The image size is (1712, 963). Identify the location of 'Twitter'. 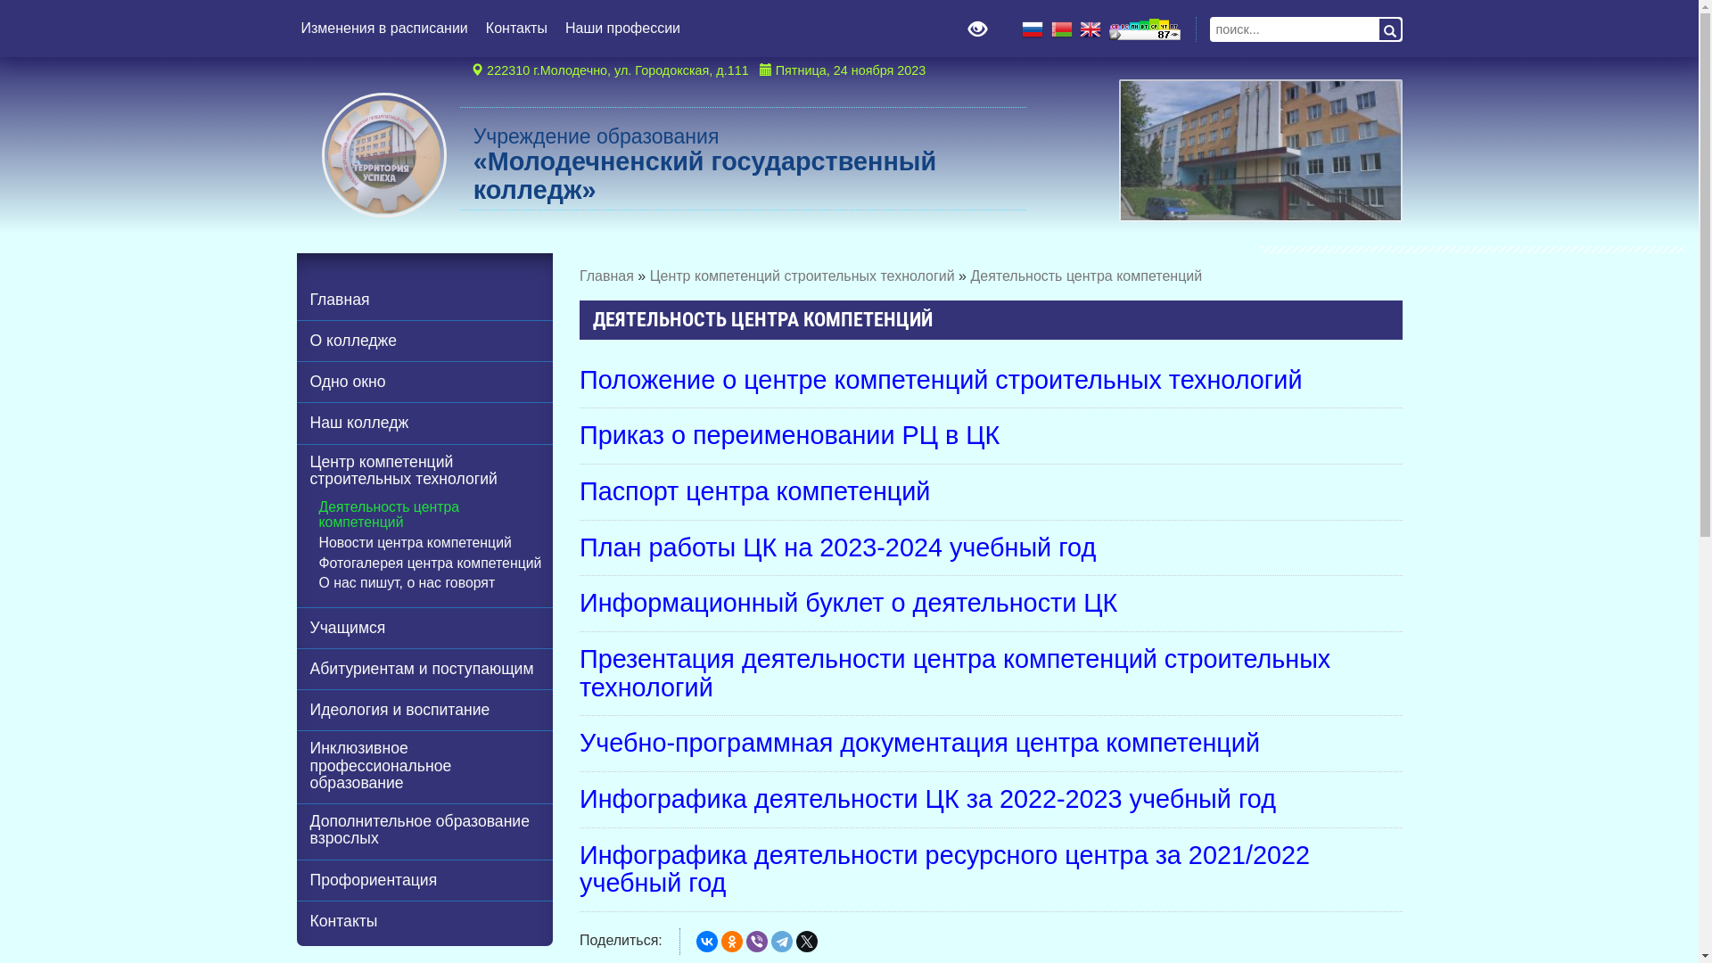
(806, 941).